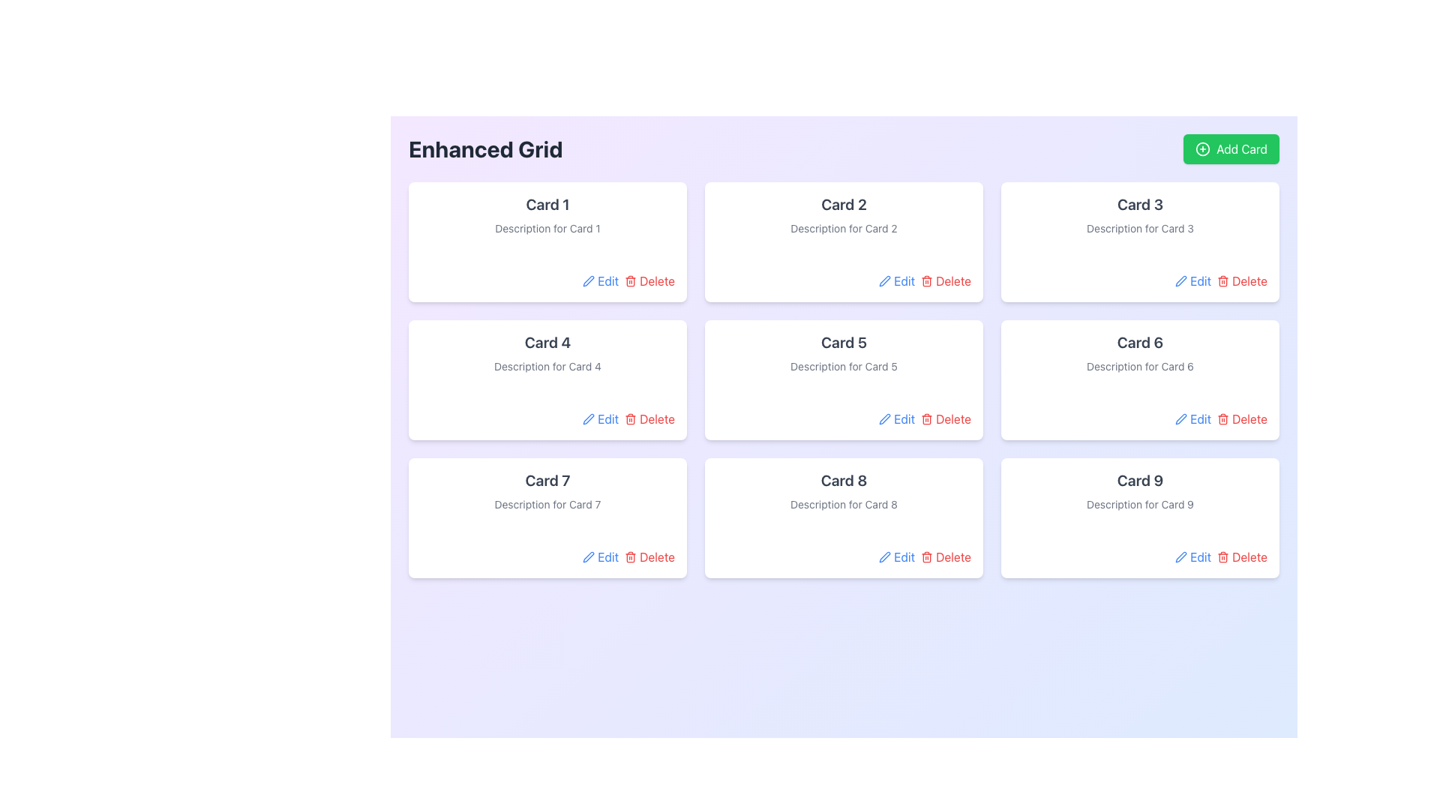 The height and width of the screenshot is (810, 1440). I want to click on the title text label located in the upper-left corner of the first card in the grid layout, which identifies the card's contents, so click(547, 205).